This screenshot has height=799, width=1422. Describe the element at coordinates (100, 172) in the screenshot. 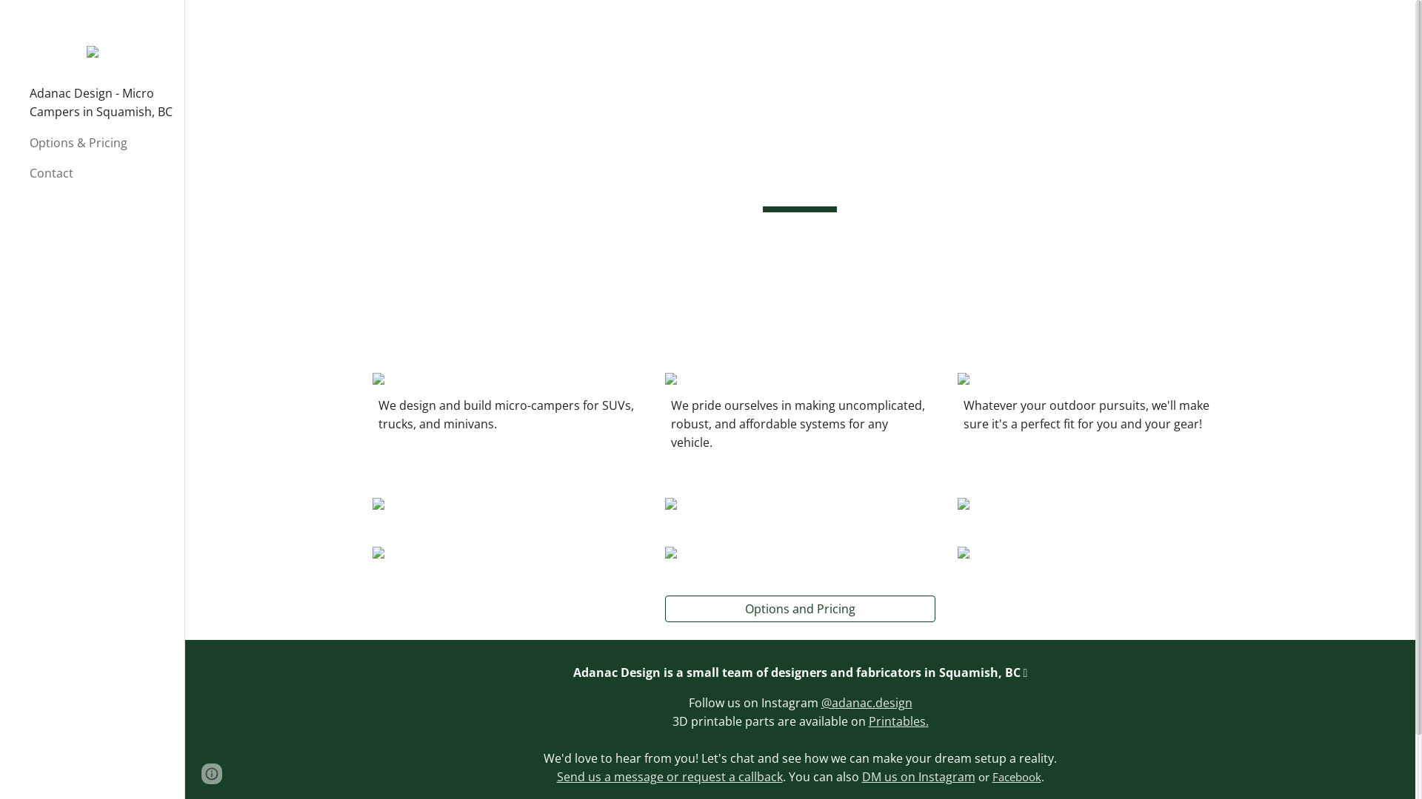

I see `'Contact'` at that location.